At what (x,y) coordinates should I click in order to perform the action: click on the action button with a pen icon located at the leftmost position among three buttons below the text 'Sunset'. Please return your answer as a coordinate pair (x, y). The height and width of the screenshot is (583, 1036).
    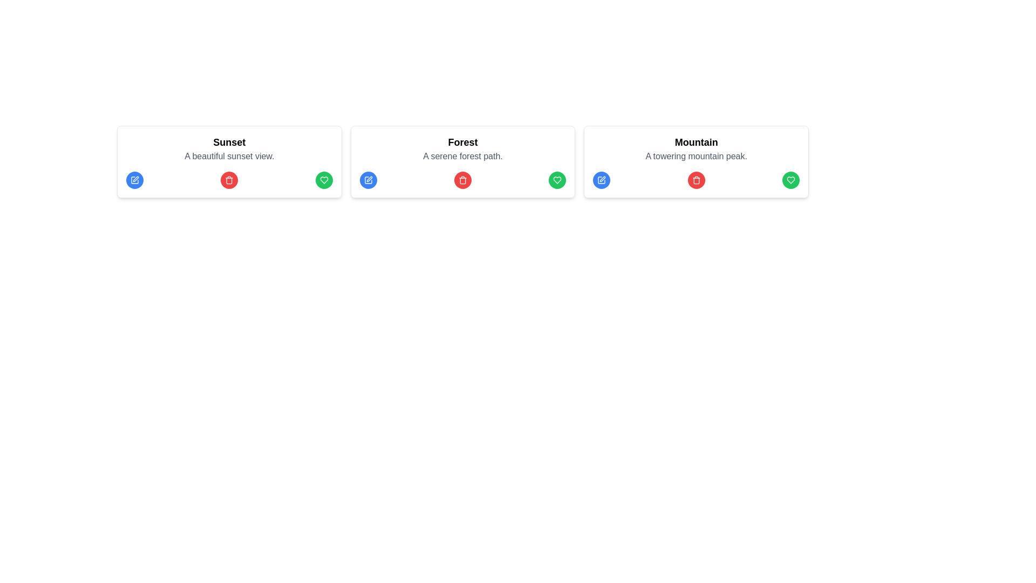
    Looking at the image, I should click on (134, 180).